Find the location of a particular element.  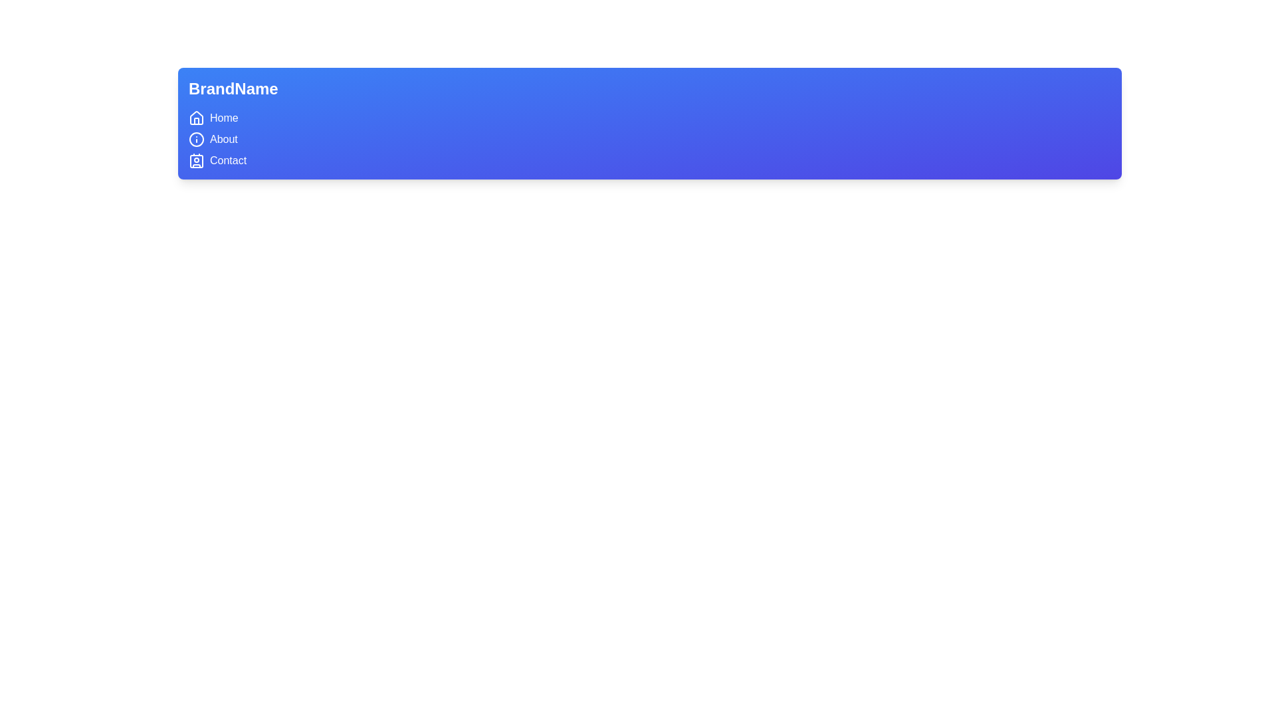

the 'About' section icon located to the left of the text 'About' in the navigation menu under the blue header is located at coordinates (196, 139).